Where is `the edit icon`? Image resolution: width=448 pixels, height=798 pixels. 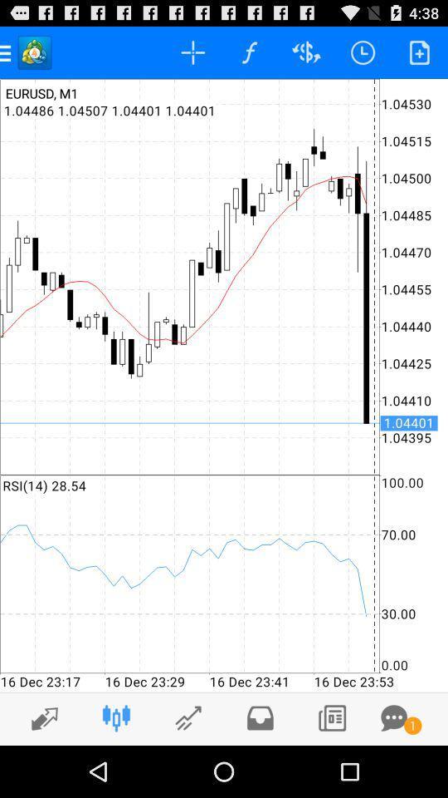 the edit icon is located at coordinates (187, 768).